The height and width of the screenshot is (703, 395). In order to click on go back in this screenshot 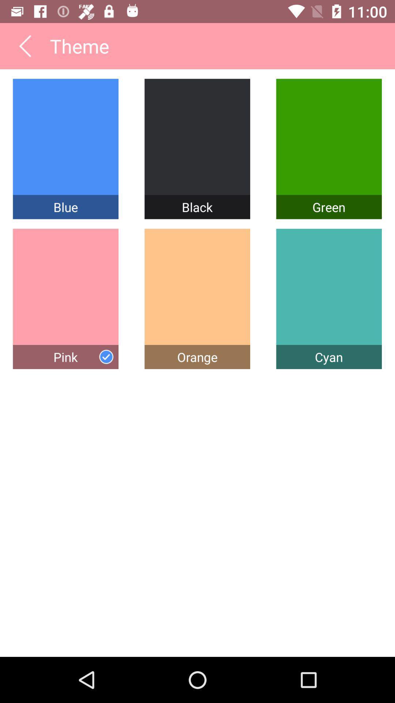, I will do `click(25, 45)`.